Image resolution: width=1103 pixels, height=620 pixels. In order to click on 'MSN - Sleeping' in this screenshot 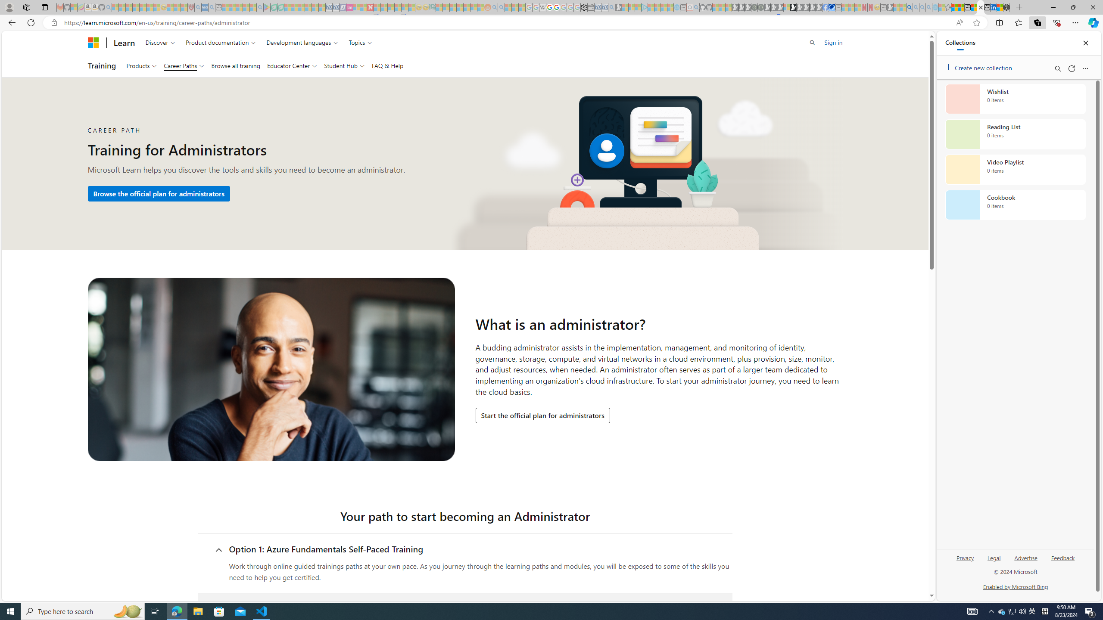, I will do `click(889, 7)`.